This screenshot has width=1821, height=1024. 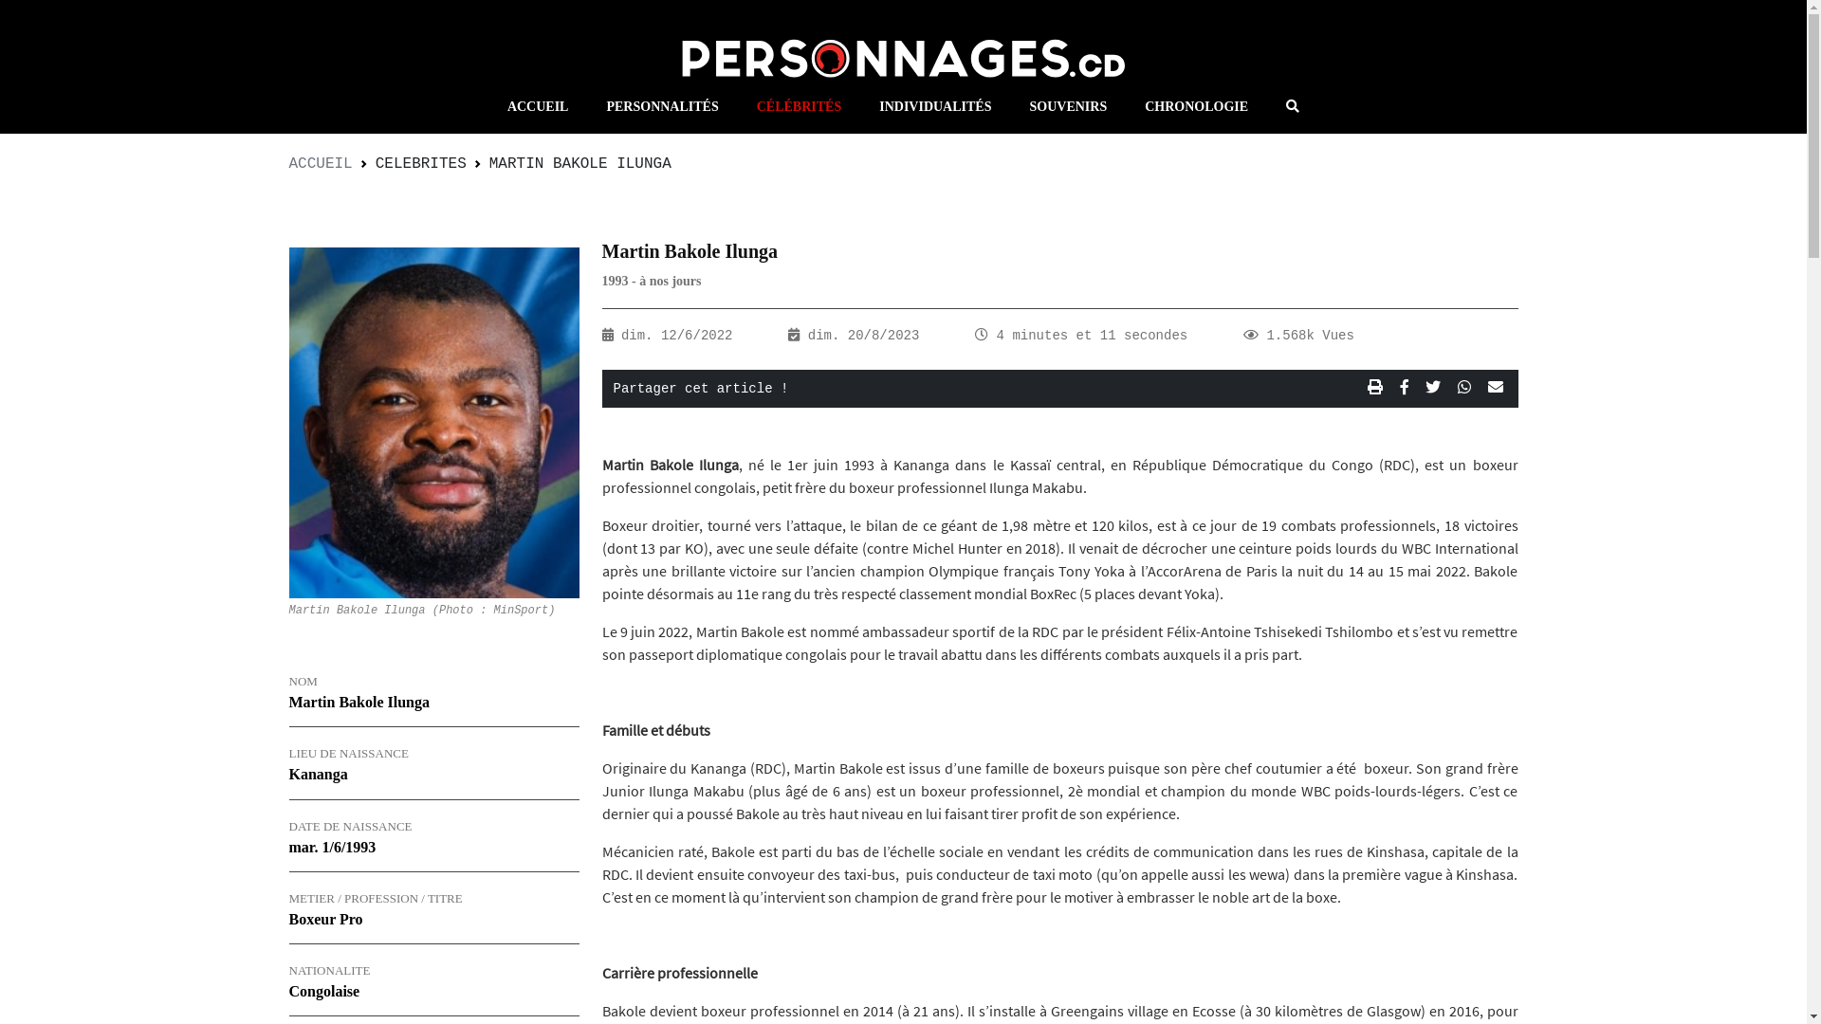 What do you see at coordinates (1482, 387) in the screenshot?
I see `'Share by Email'` at bounding box center [1482, 387].